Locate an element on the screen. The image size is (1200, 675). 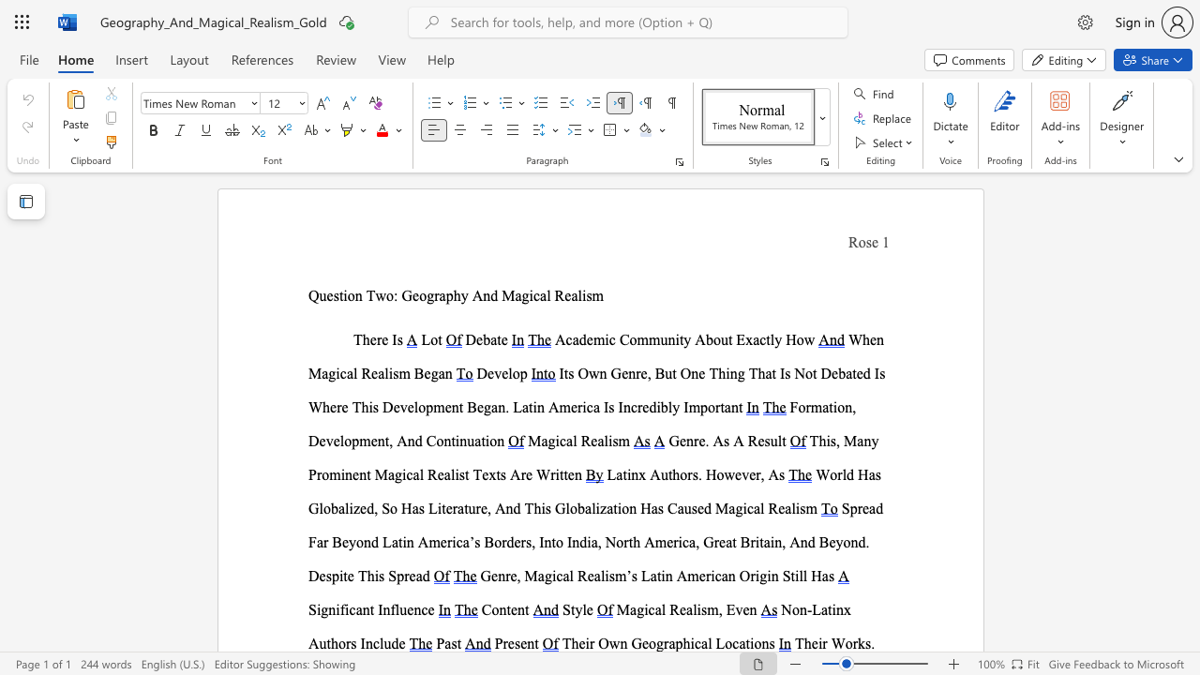
the subset text "cal Loca" within the text "Their Own Geographical Locations" is located at coordinates (693, 642).